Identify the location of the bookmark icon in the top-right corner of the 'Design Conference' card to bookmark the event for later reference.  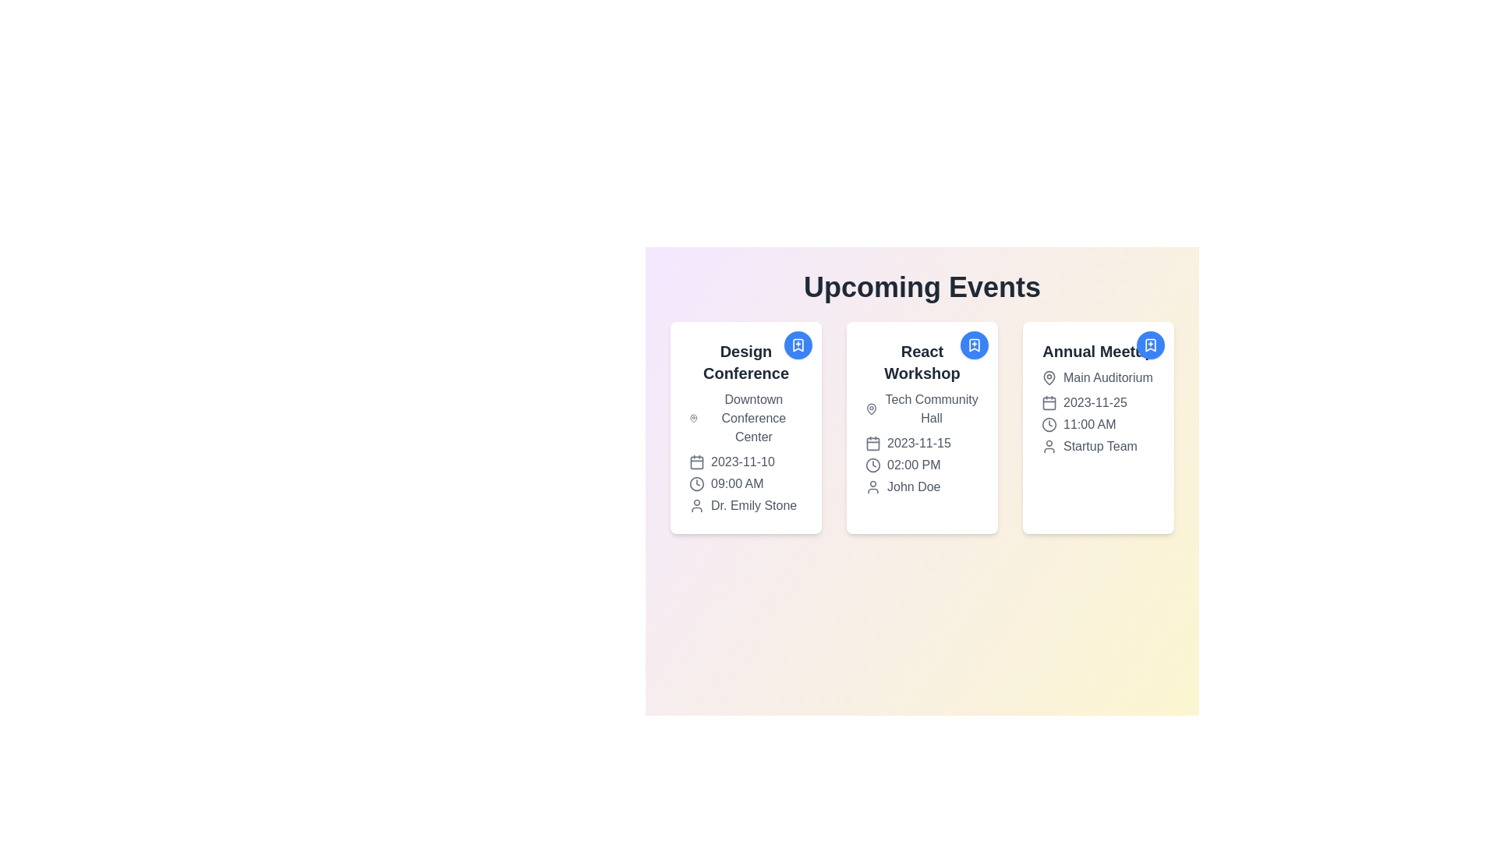
(798, 345).